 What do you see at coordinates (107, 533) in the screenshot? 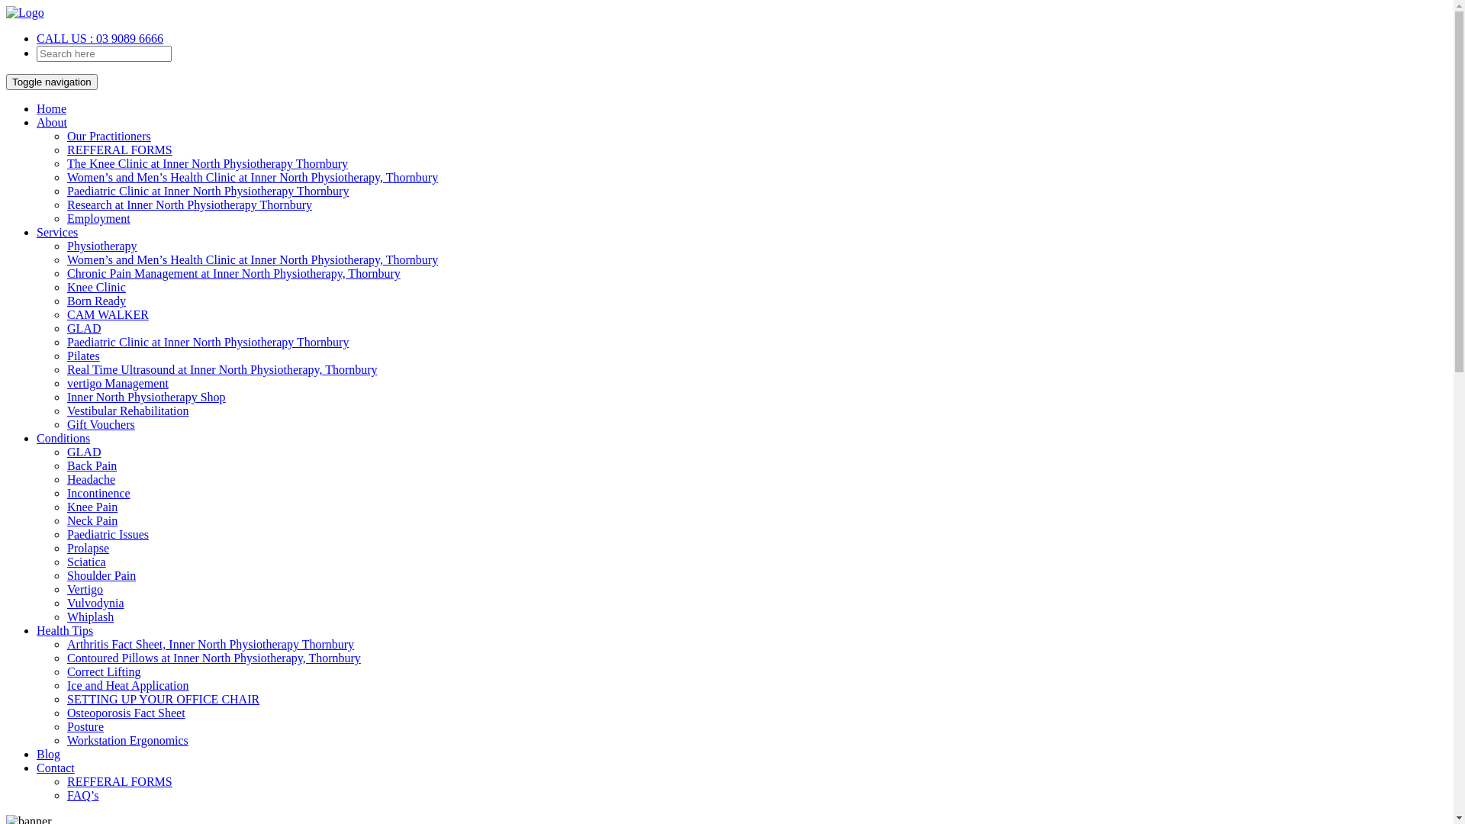
I see `'Paediatric Issues'` at bounding box center [107, 533].